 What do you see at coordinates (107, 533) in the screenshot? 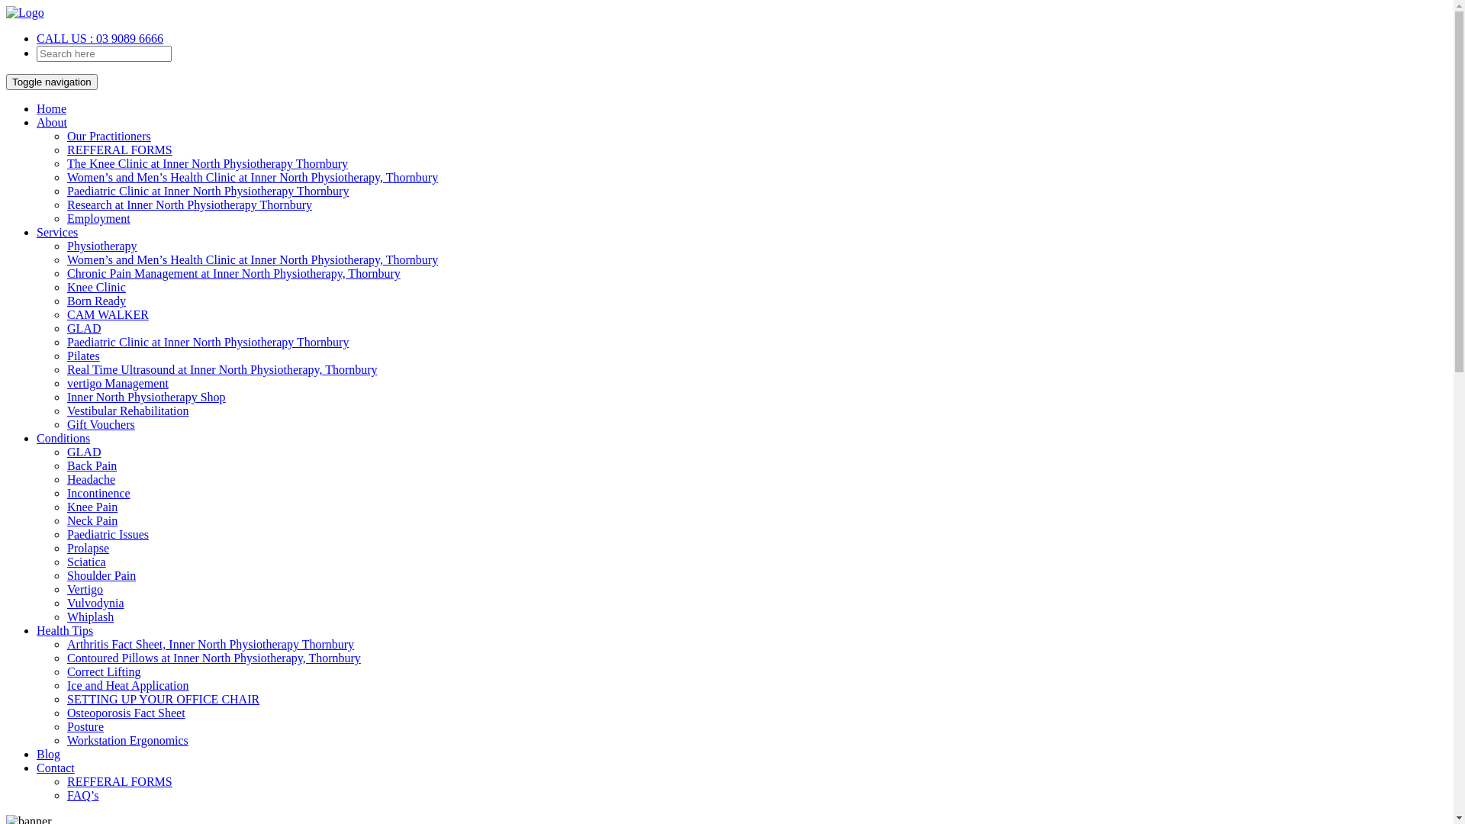
I see `'Paediatric Issues'` at bounding box center [107, 533].